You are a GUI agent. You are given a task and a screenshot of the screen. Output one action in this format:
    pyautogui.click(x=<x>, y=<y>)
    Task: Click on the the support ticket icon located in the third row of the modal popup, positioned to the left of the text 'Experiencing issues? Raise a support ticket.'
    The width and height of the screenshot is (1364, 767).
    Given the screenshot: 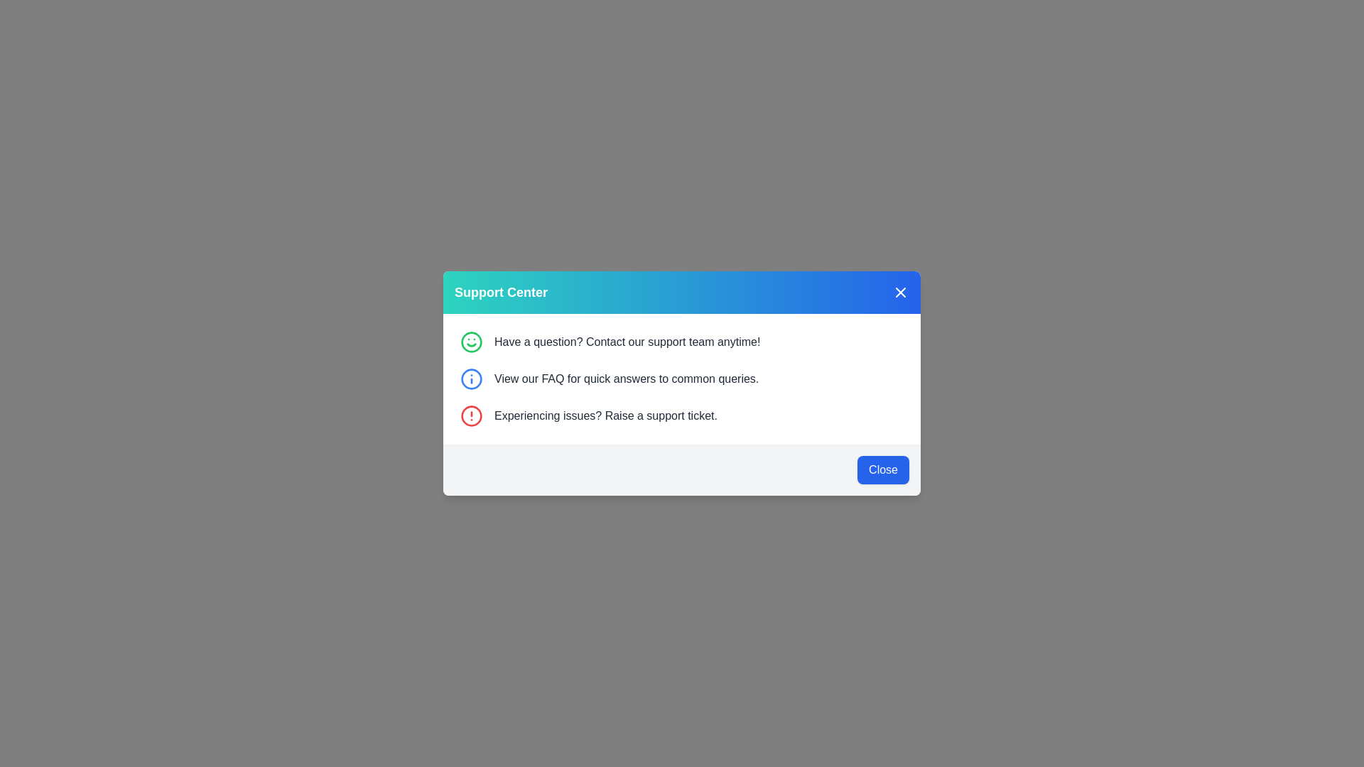 What is the action you would take?
    pyautogui.click(x=471, y=415)
    